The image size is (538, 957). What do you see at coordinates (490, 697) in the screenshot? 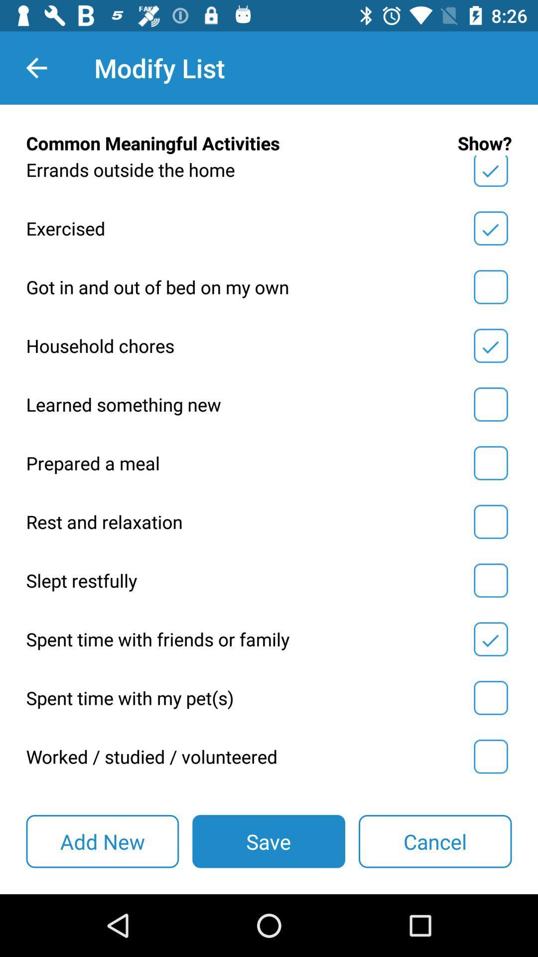
I see `empty` at bounding box center [490, 697].